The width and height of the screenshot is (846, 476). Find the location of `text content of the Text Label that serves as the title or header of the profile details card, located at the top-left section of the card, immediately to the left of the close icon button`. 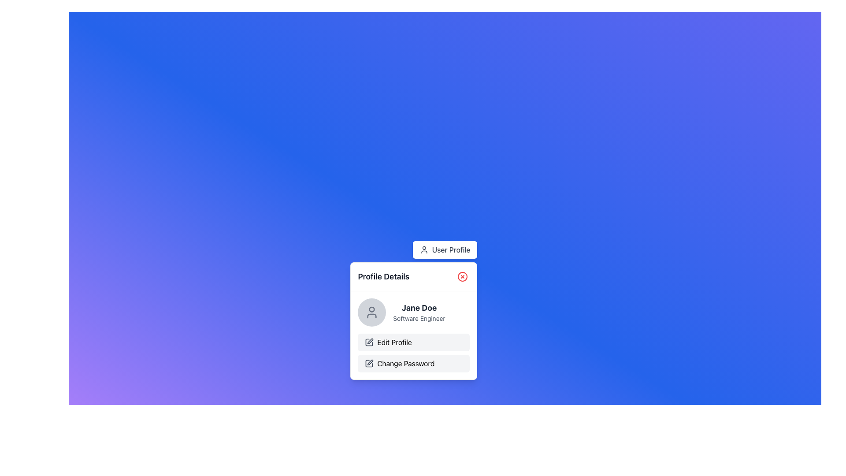

text content of the Text Label that serves as the title or header of the profile details card, located at the top-left section of the card, immediately to the left of the close icon button is located at coordinates (383, 276).